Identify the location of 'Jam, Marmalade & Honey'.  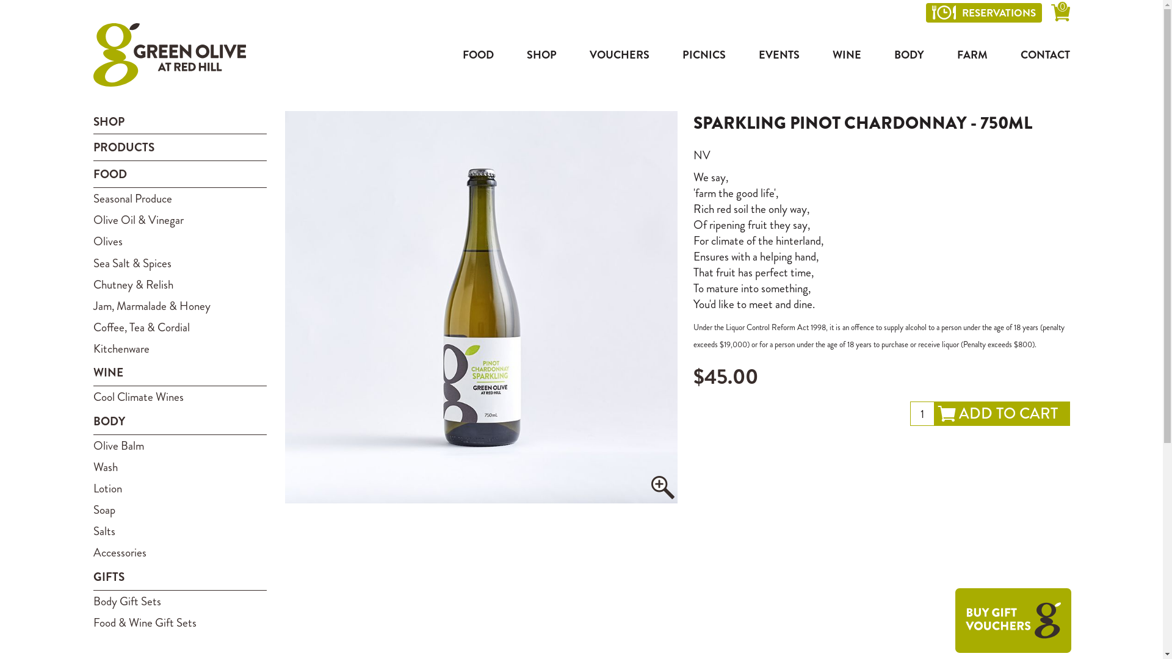
(92, 305).